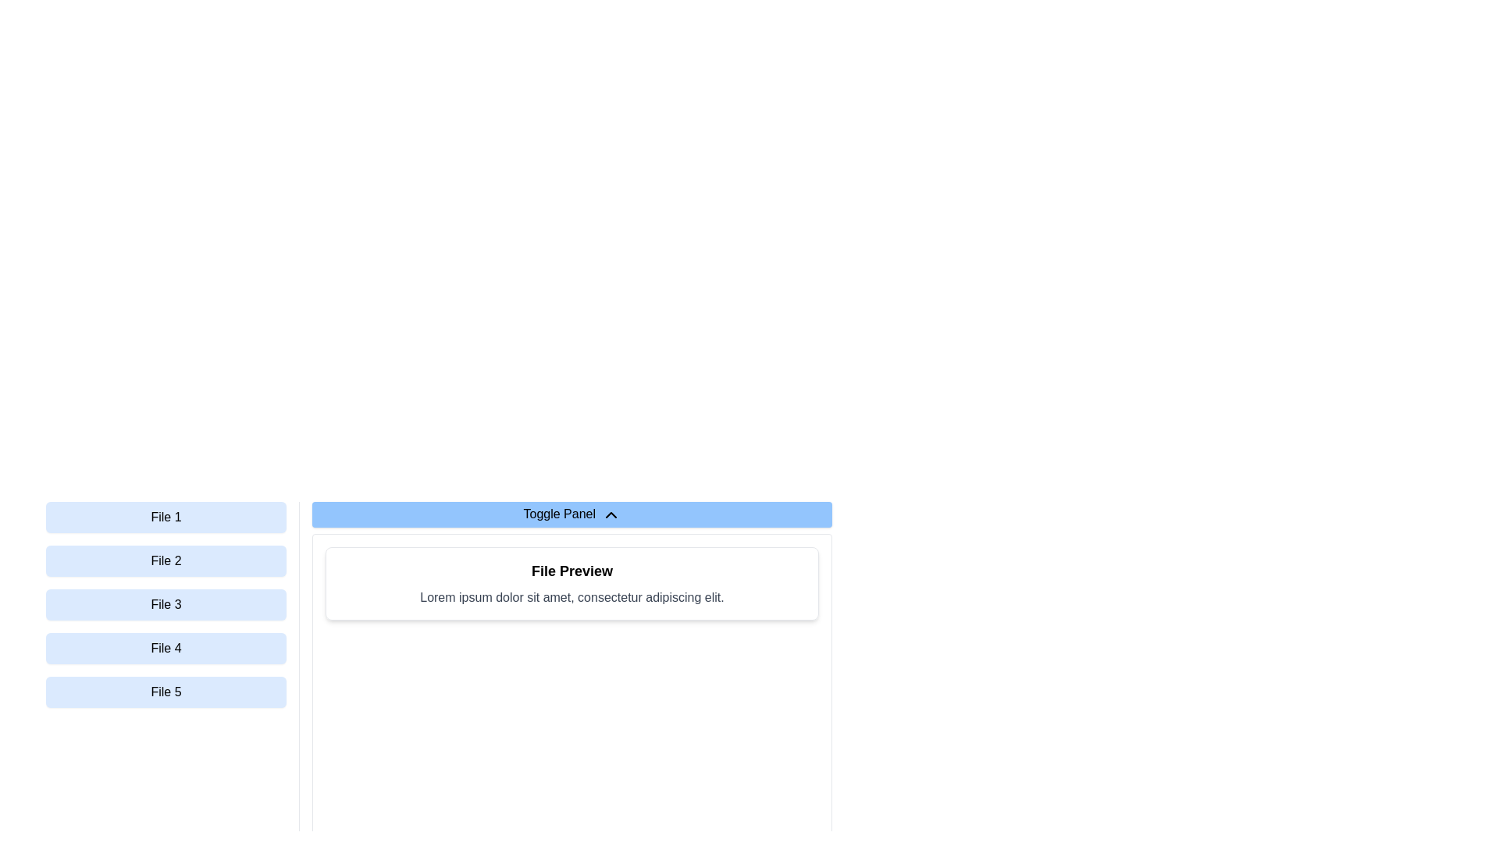  Describe the element at coordinates (611, 514) in the screenshot. I see `the upward-pointing chevron icon located to the right of the 'Toggle Panel' button, which shares its blue background and rounded corners` at that location.